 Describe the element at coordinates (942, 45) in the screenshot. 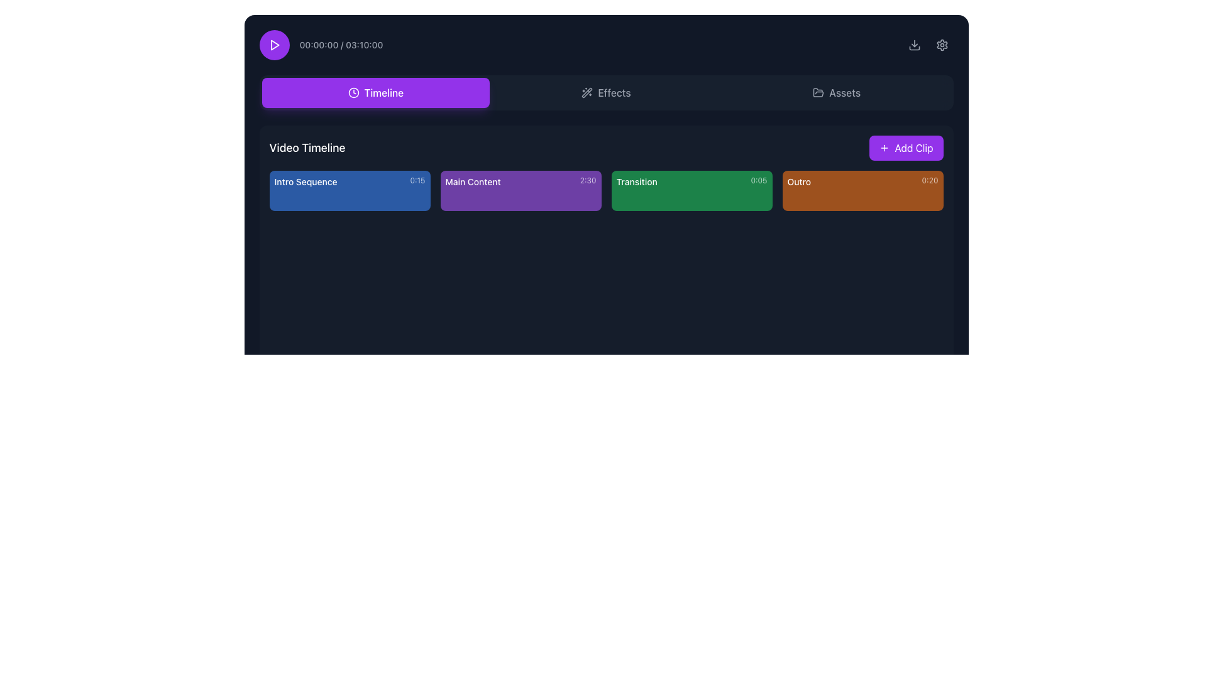

I see `the gear icon located in the upper-right corner of the interface` at that location.